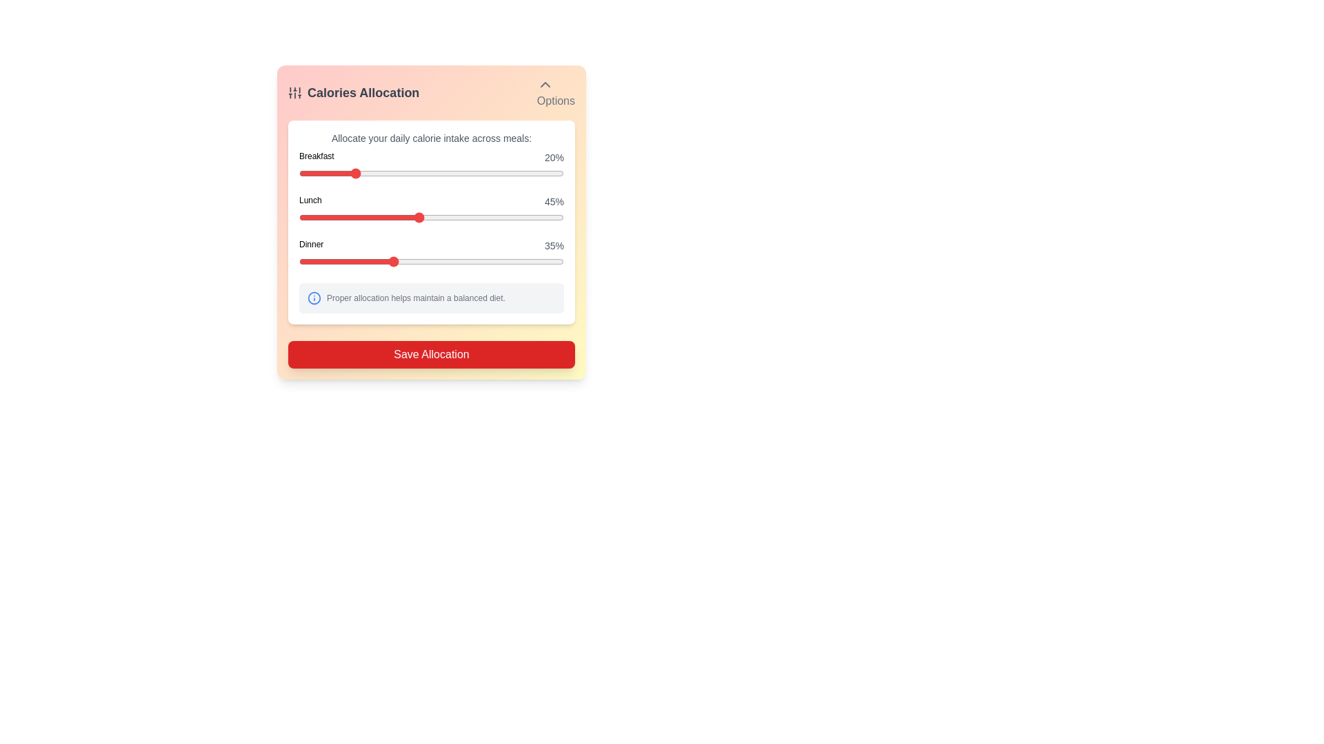 This screenshot has height=744, width=1324. What do you see at coordinates (314, 297) in the screenshot?
I see `the informational tooltip icon to reveal additional details` at bounding box center [314, 297].